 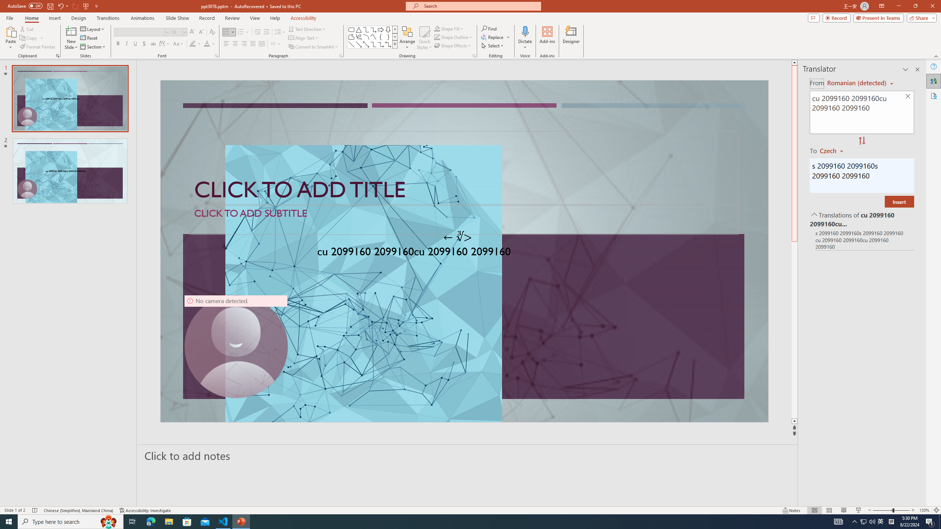 I want to click on 'Clear text', so click(x=908, y=97).